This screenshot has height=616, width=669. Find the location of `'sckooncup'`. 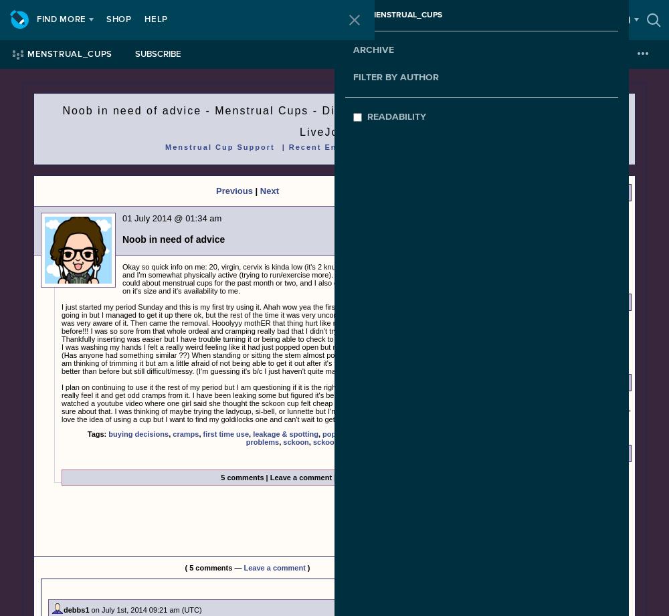

'sckooncup' is located at coordinates (331, 442).